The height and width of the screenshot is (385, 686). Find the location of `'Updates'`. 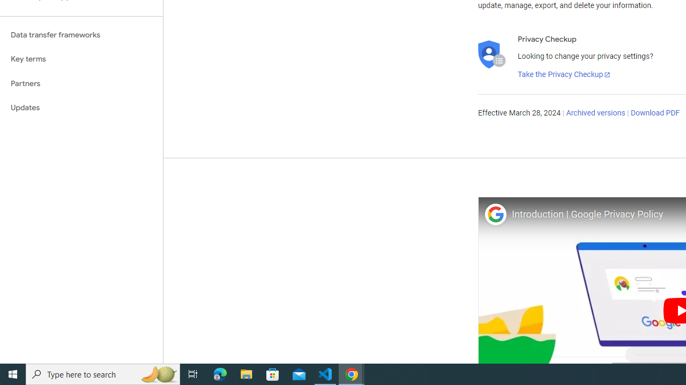

'Updates' is located at coordinates (81, 107).